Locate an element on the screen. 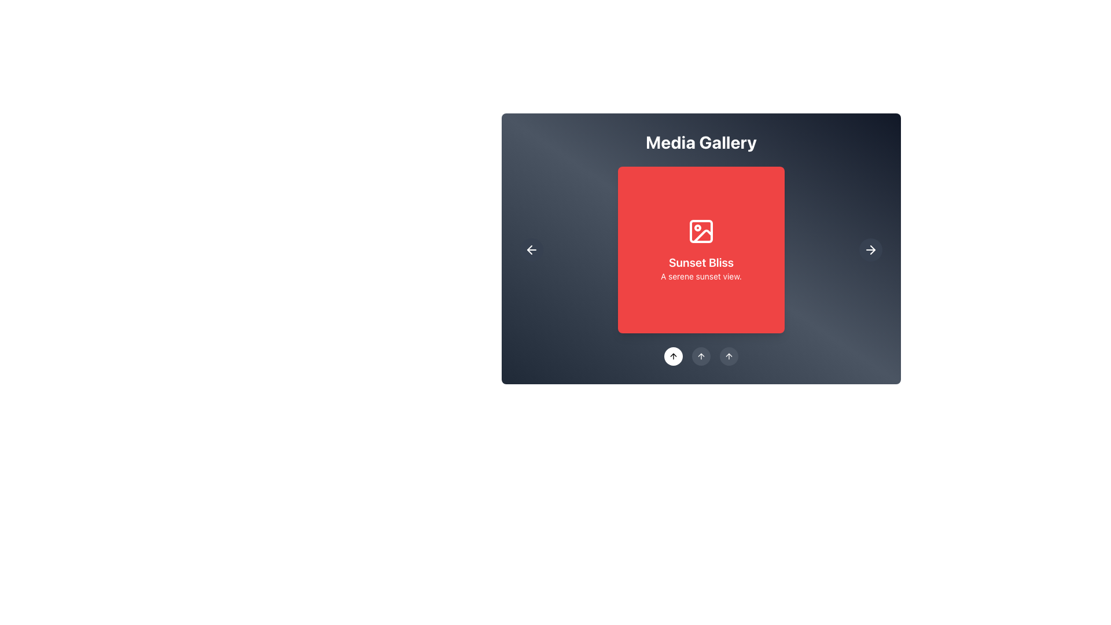  the upward-pointing arrow icon within the circular button located below the central card interface is located at coordinates (728, 356).